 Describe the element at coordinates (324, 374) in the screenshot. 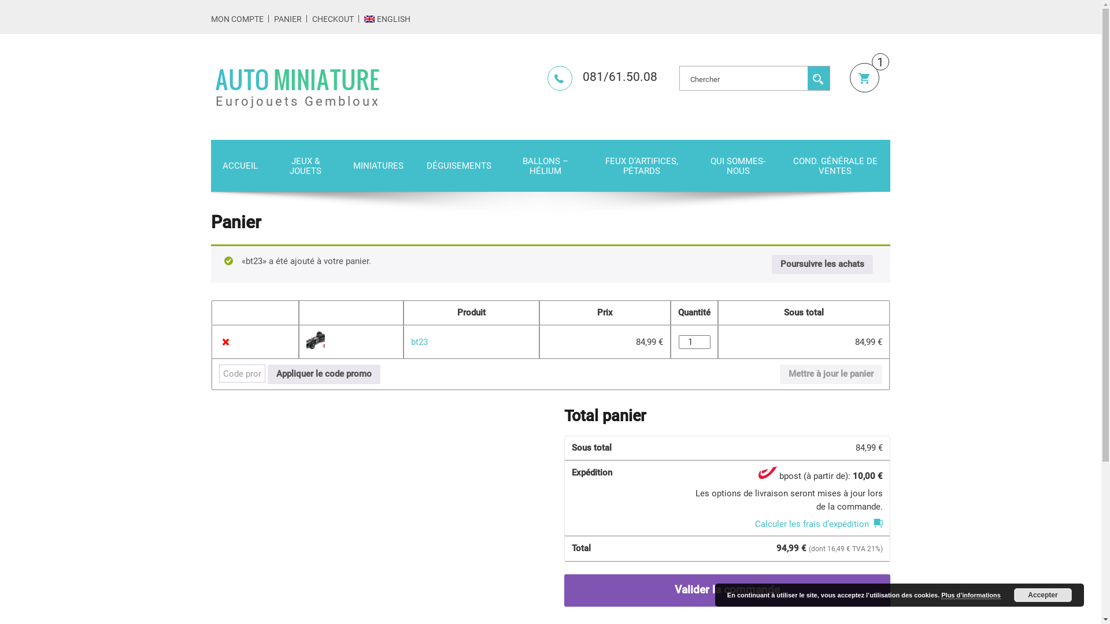

I see `'Appliquer le code promo'` at that location.